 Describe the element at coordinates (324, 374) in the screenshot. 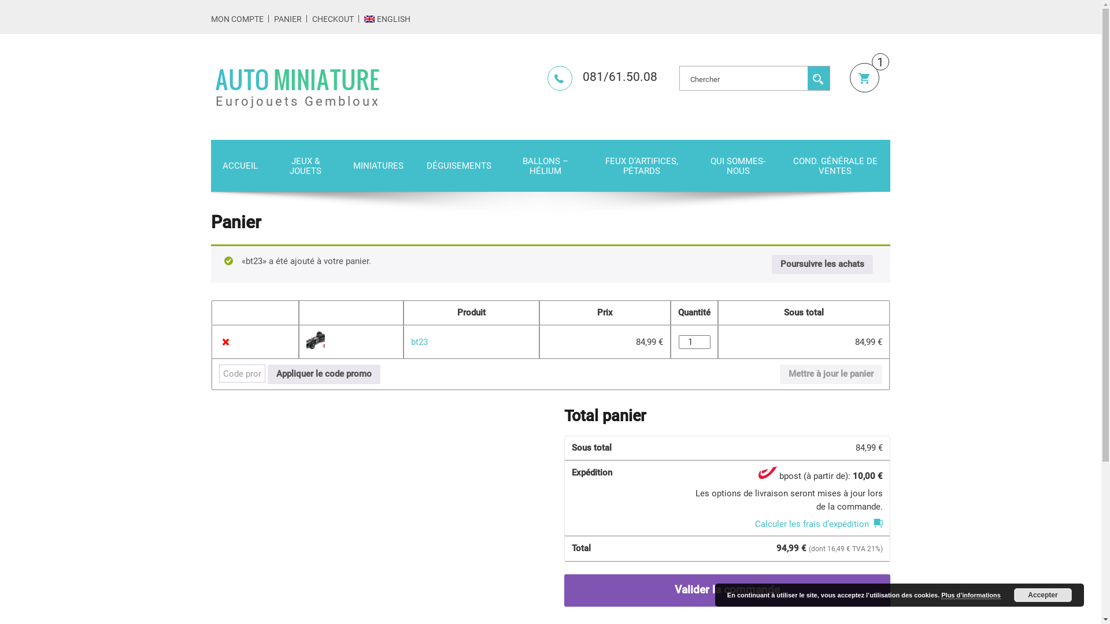

I see `'Appliquer le code promo'` at that location.